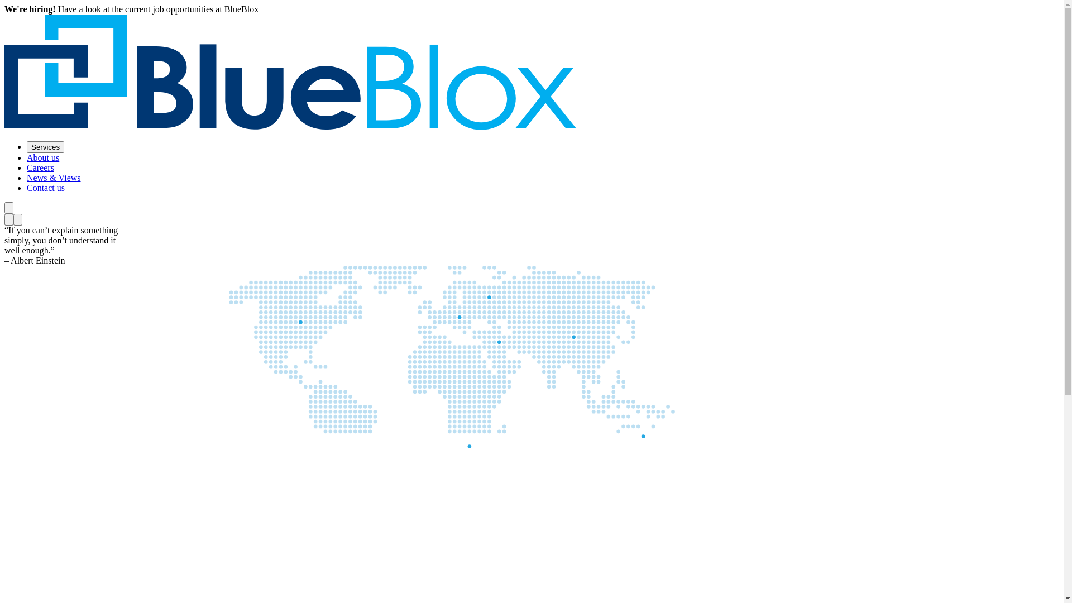  Describe the element at coordinates (40, 167) in the screenshot. I see `'Careers'` at that location.